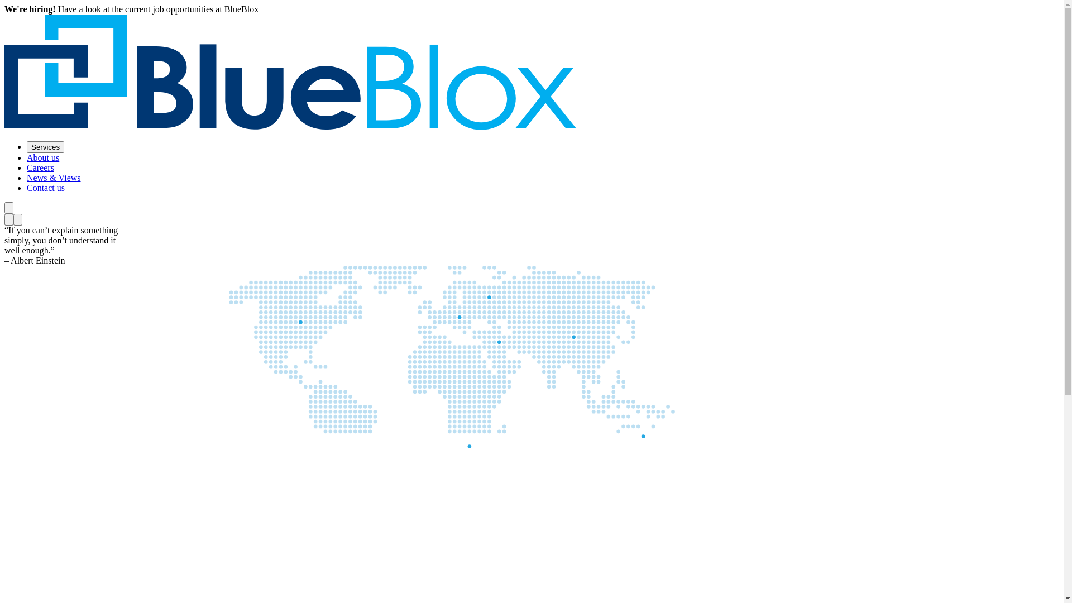  Describe the element at coordinates (40, 167) in the screenshot. I see `'Careers'` at that location.